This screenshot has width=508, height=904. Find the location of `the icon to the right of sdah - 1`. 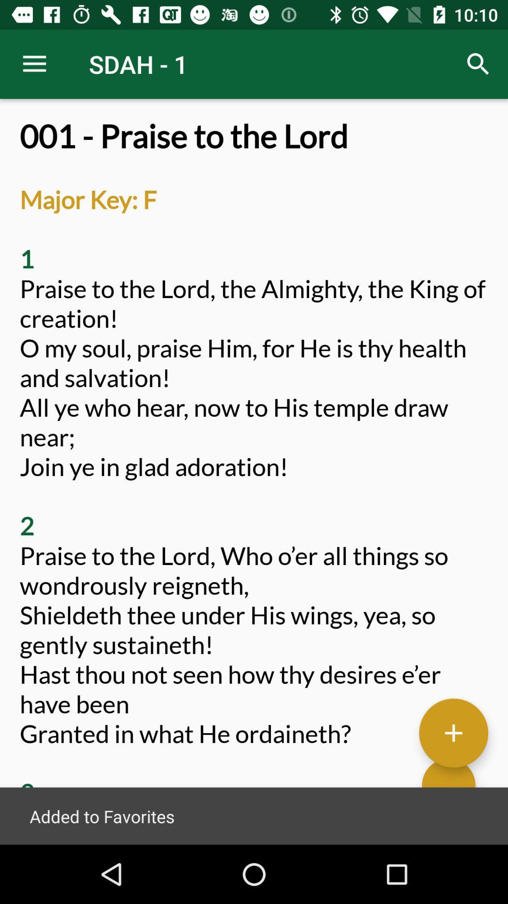

the icon to the right of sdah - 1 is located at coordinates (478, 64).